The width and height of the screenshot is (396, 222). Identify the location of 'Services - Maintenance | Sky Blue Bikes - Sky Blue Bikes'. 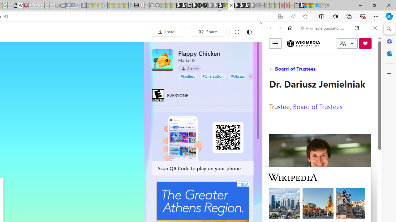
(316, 5).